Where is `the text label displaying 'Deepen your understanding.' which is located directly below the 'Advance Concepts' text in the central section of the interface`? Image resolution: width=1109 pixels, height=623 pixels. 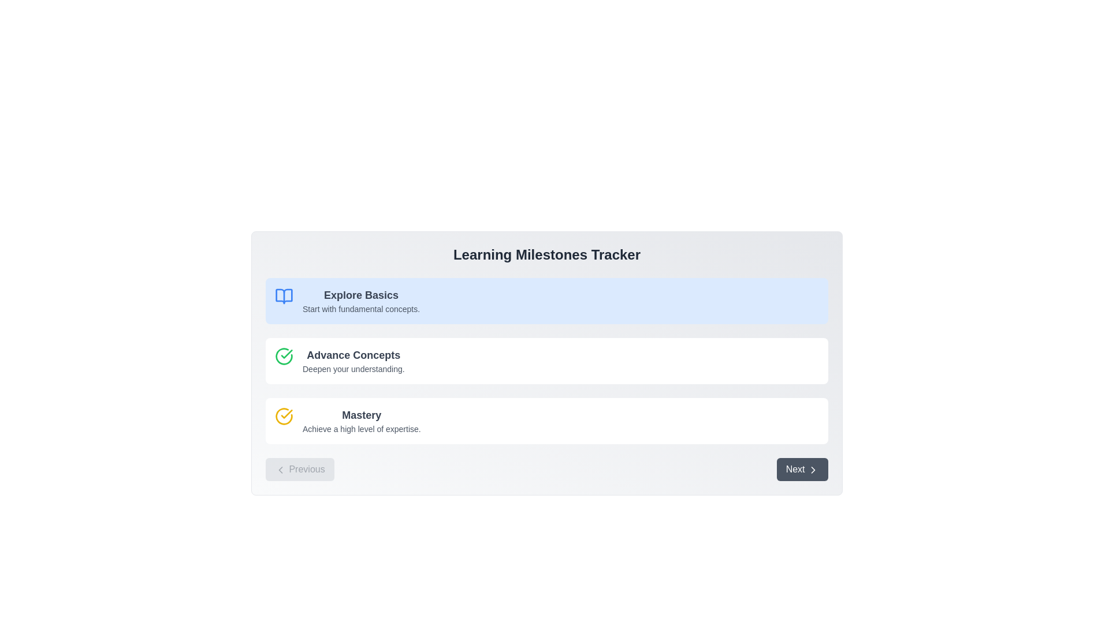 the text label displaying 'Deepen your understanding.' which is located directly below the 'Advance Concepts' text in the central section of the interface is located at coordinates (353, 369).